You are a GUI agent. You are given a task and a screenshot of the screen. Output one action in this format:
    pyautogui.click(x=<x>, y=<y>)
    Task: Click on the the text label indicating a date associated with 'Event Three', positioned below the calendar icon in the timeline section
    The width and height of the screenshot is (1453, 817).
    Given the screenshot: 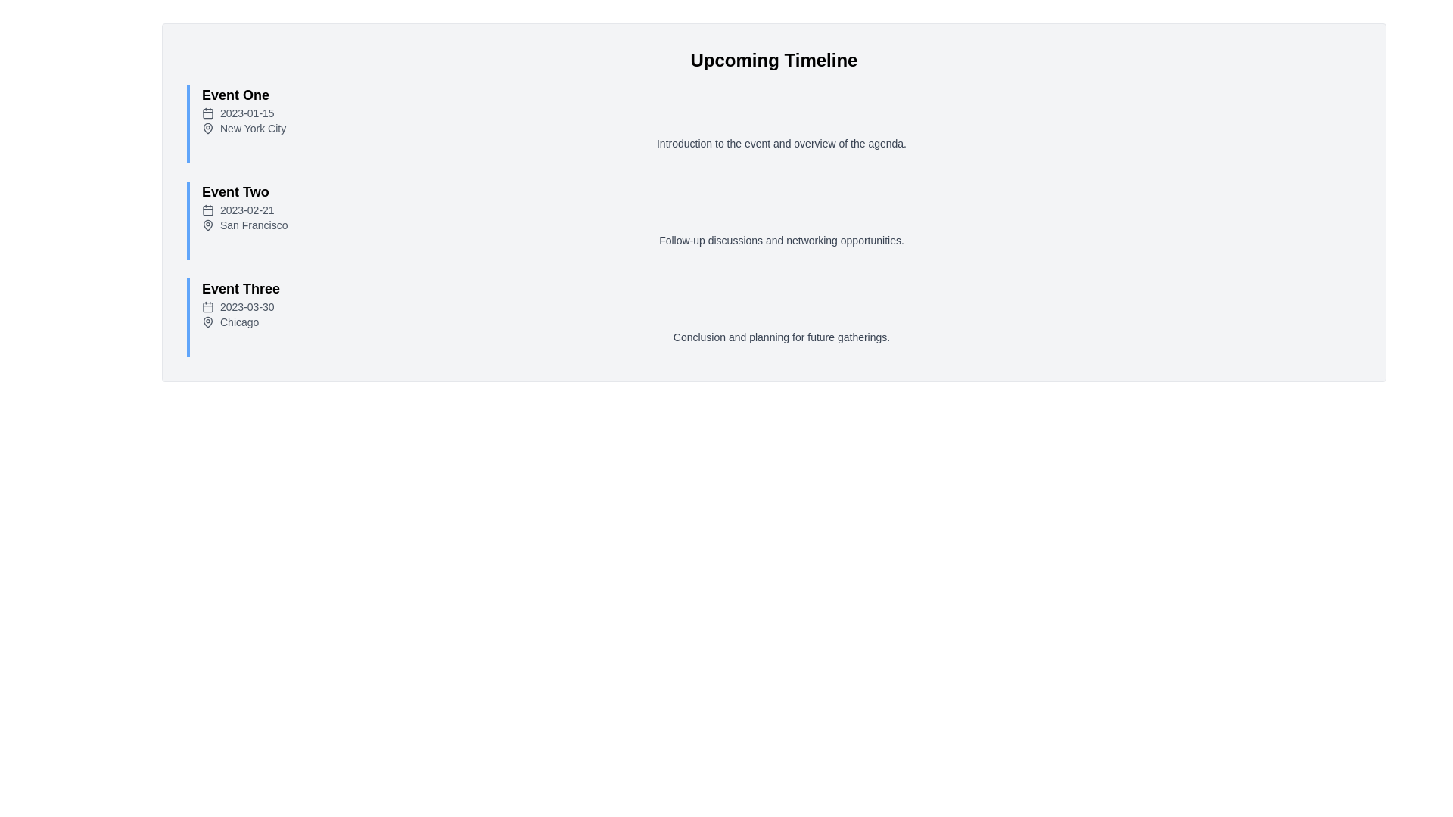 What is the action you would take?
    pyautogui.click(x=247, y=306)
    